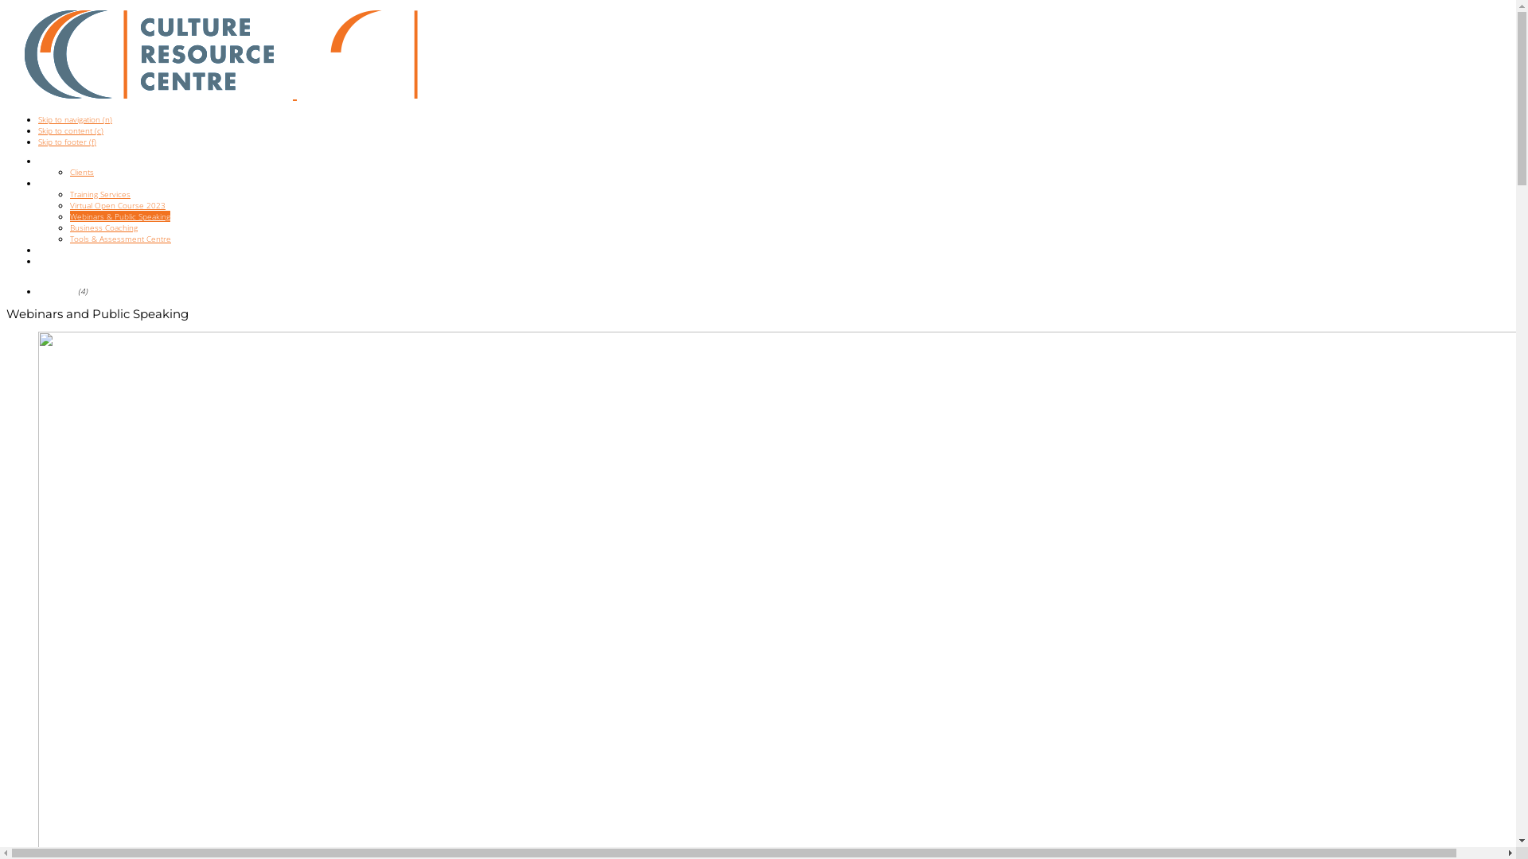 The width and height of the screenshot is (1528, 859). I want to click on 'Blog Culture@Work', so click(38, 259).